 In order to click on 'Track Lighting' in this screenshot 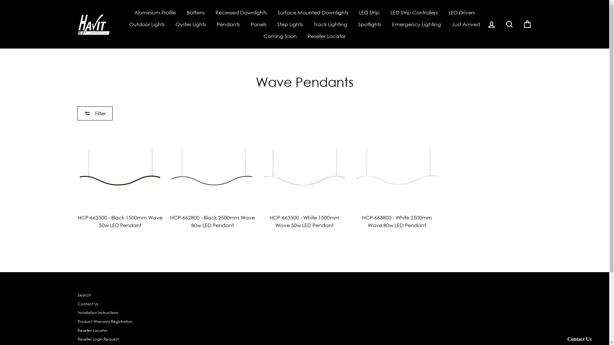, I will do `click(330, 24)`.